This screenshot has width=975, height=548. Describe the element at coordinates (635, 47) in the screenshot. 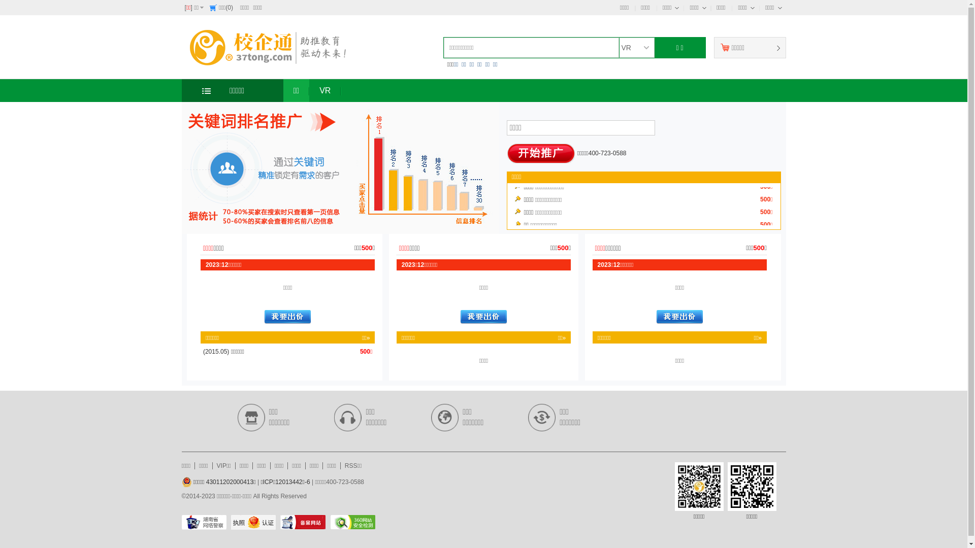

I see `'VR'` at that location.